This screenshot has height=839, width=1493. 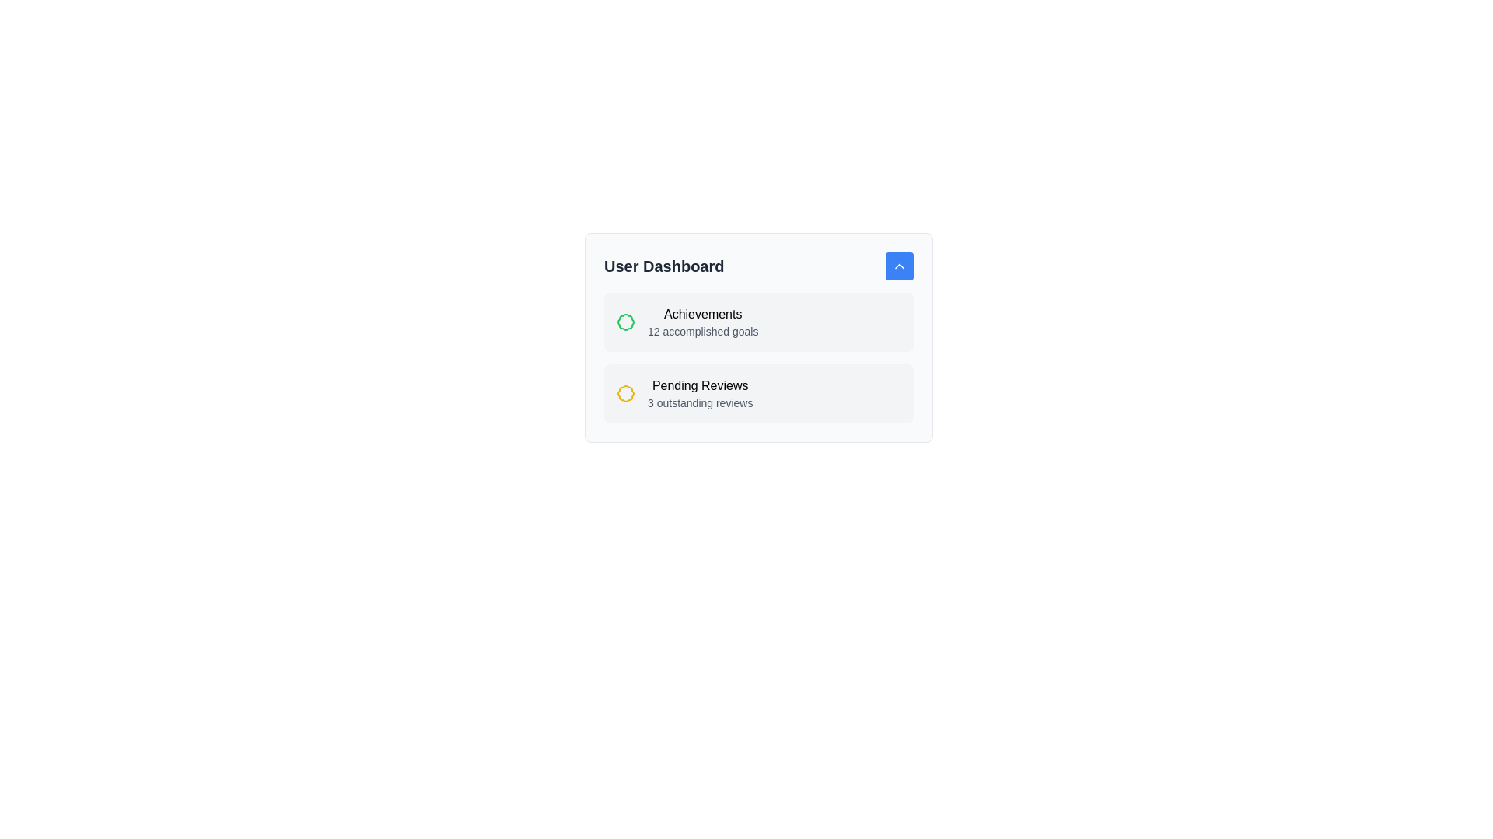 I want to click on the achievements SVG icon located within the 'Achievements' section of the dashboard, specifically to the left of the text '12 accomplished goals', so click(x=626, y=322).